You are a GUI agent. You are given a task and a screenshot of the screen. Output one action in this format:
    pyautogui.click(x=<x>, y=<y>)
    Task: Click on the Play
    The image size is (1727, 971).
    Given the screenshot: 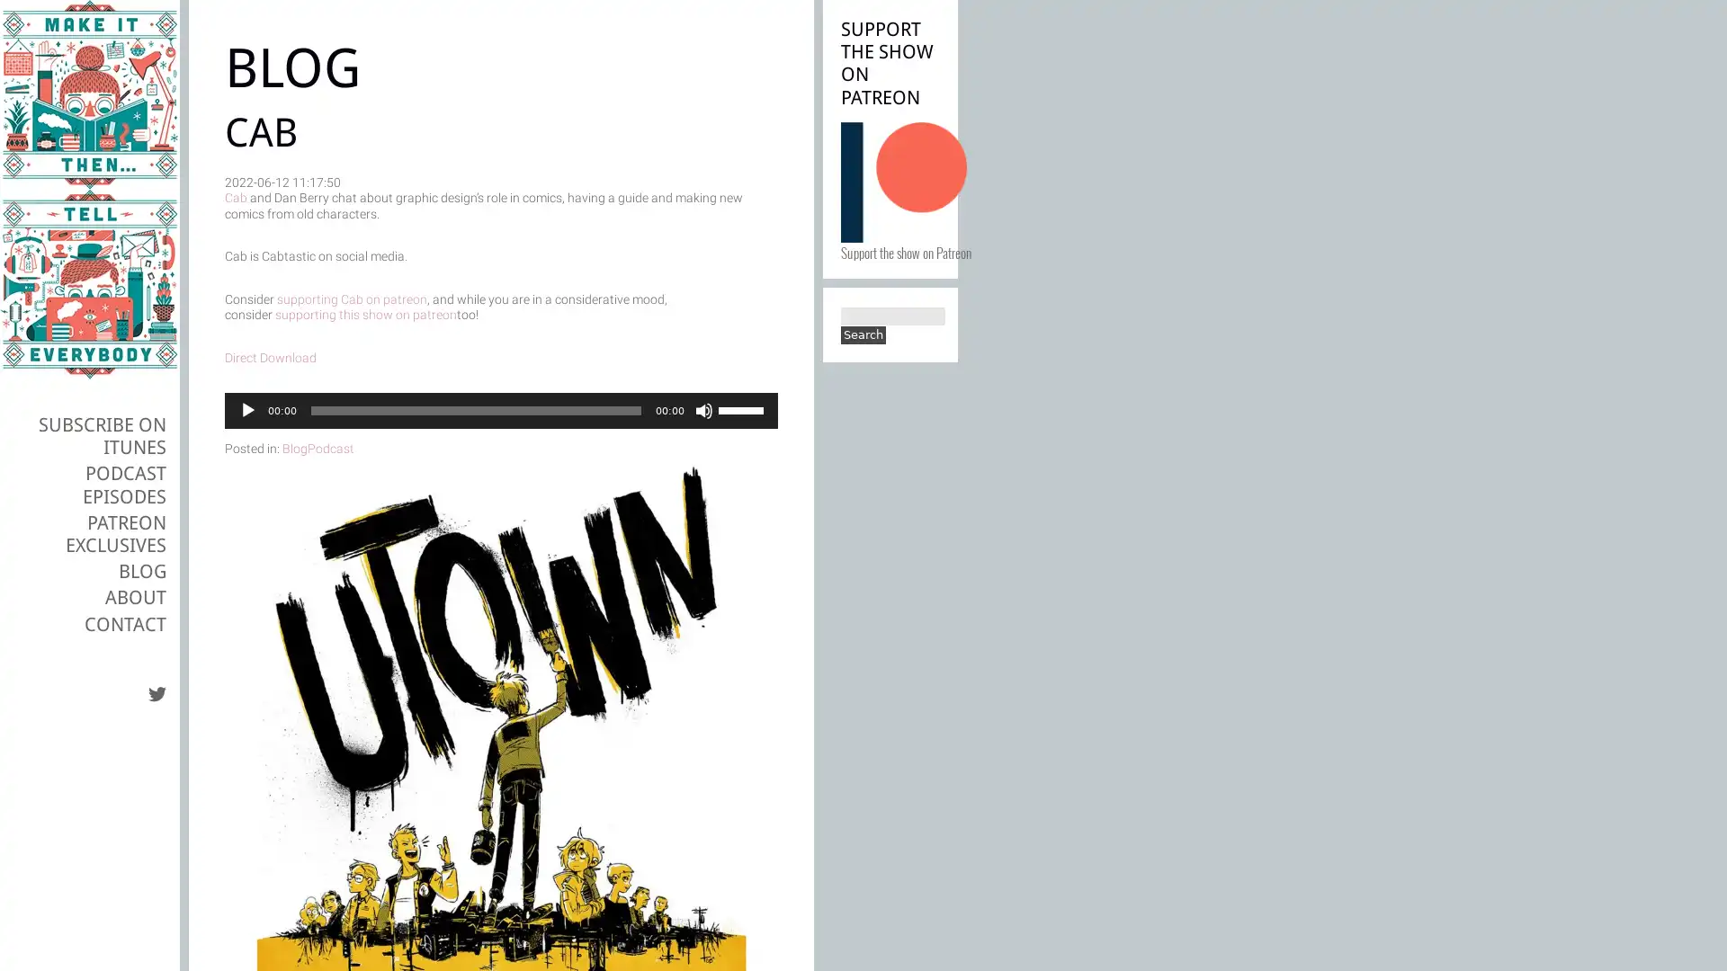 What is the action you would take?
    pyautogui.click(x=246, y=410)
    